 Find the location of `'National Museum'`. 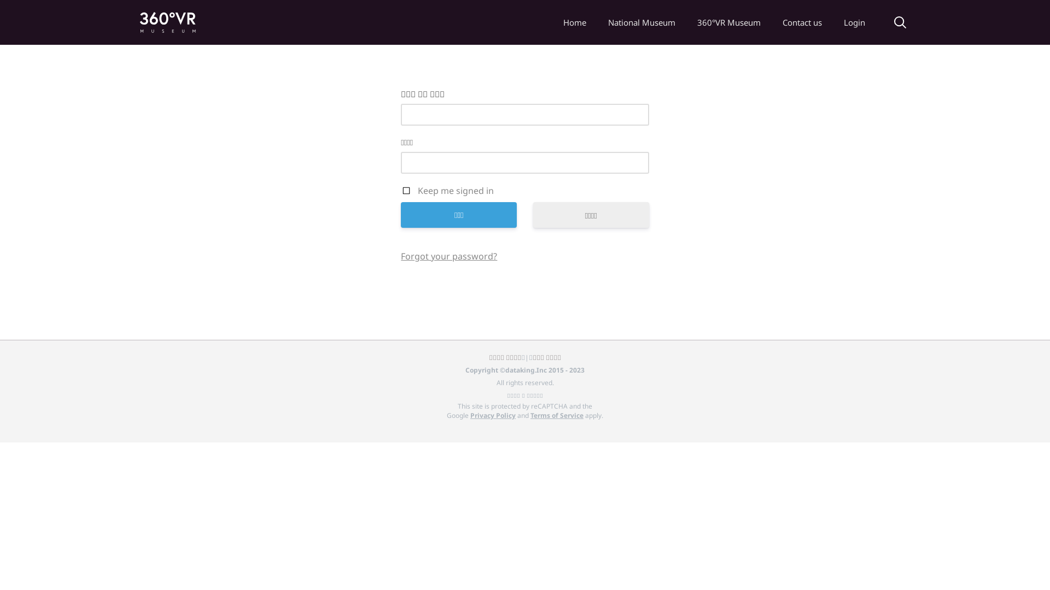

'National Museum' is located at coordinates (608, 22).